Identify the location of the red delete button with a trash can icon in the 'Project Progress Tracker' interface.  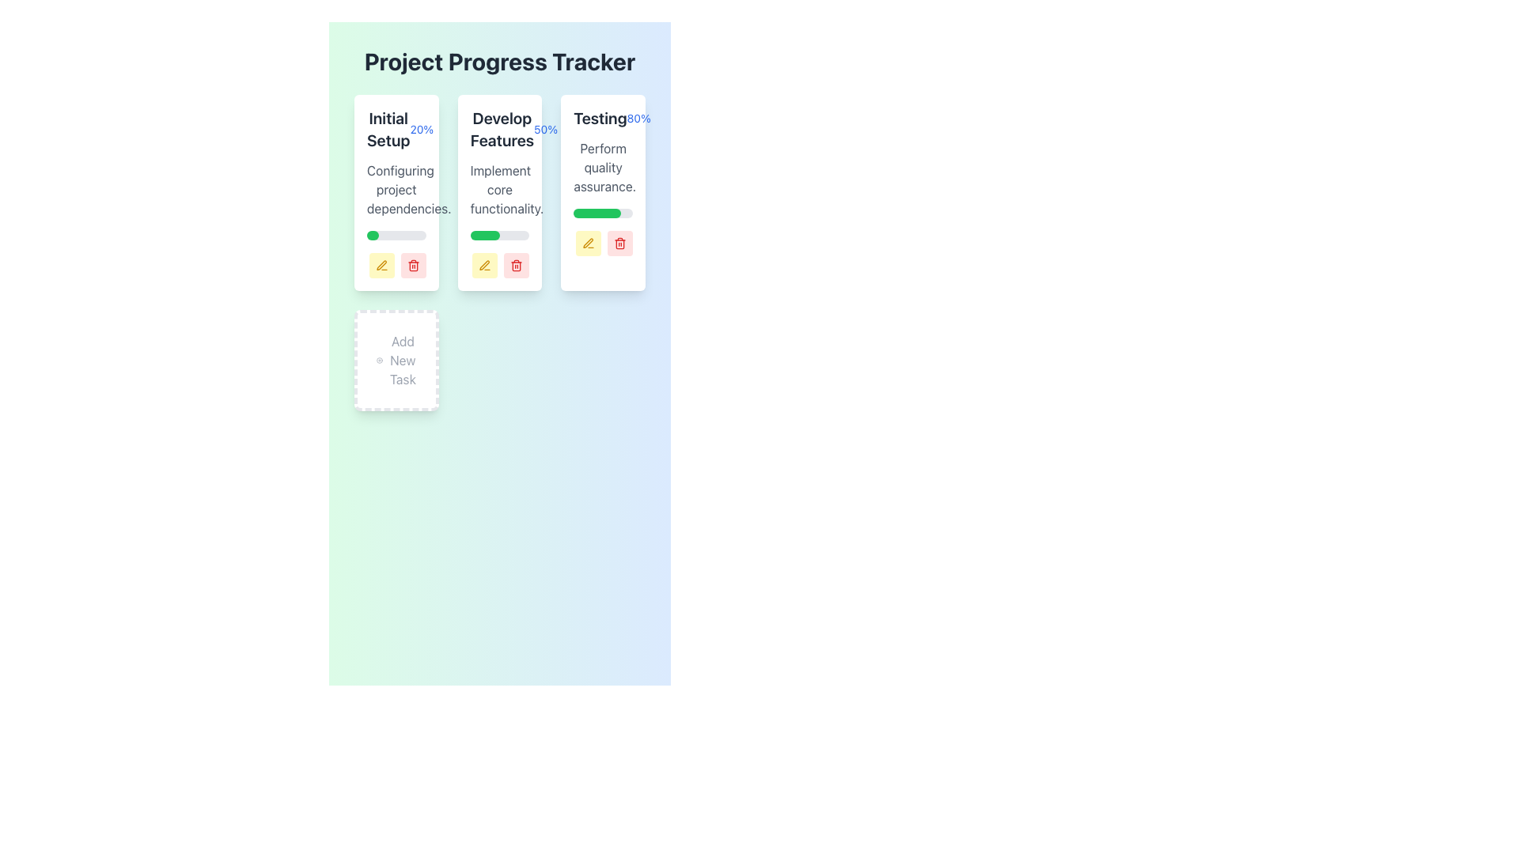
(517, 264).